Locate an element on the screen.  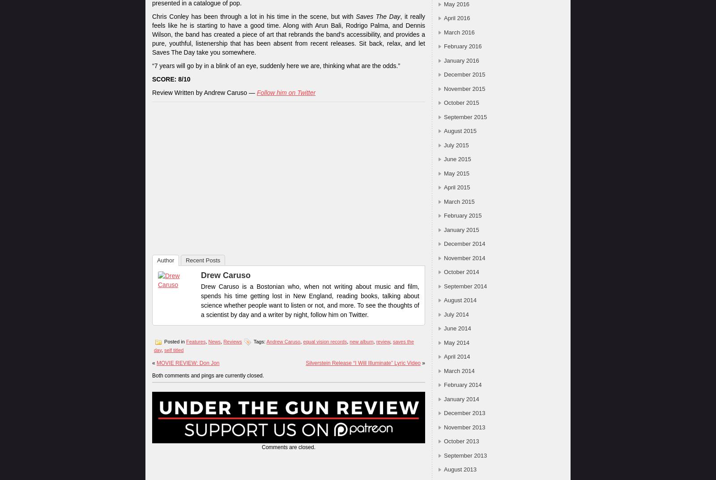
'review' is located at coordinates (375, 341).